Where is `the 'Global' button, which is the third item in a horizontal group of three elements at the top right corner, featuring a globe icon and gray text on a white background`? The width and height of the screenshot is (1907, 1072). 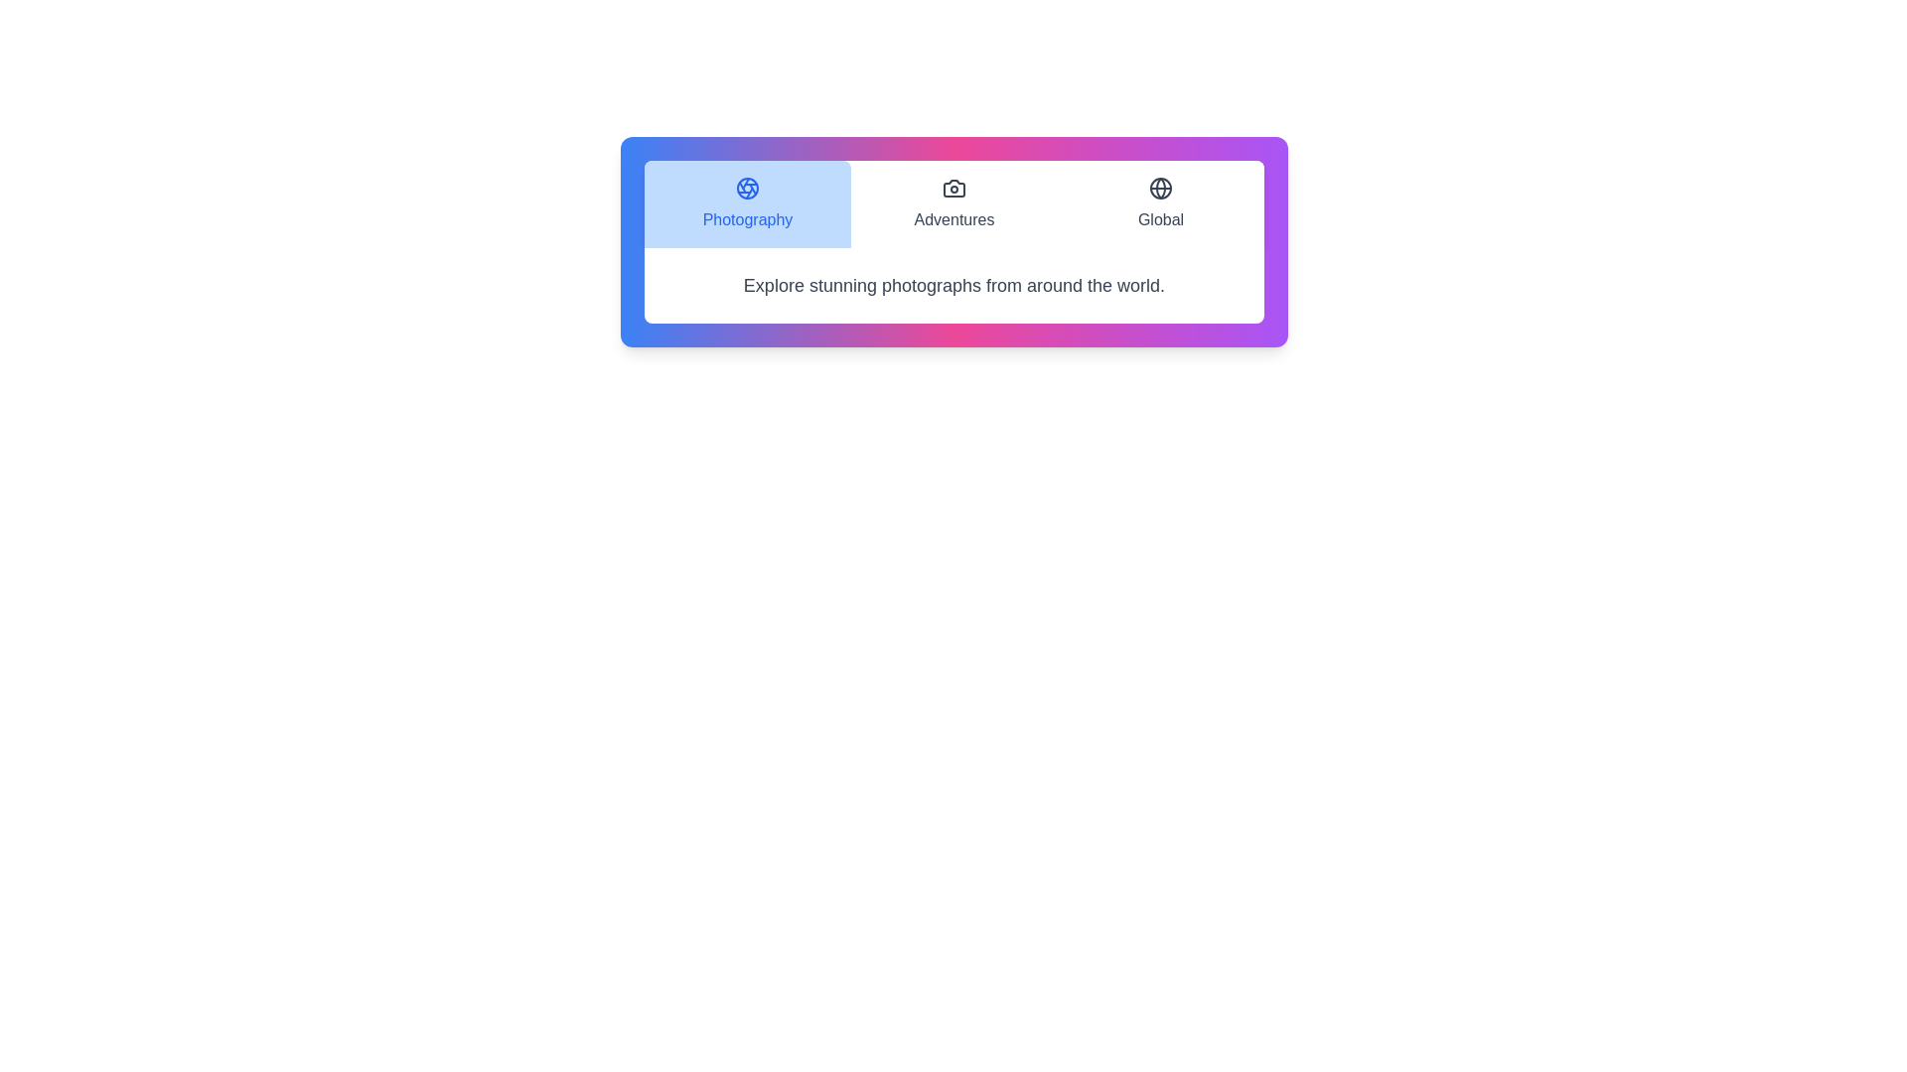 the 'Global' button, which is the third item in a horizontal group of three elements at the top right corner, featuring a globe icon and gray text on a white background is located at coordinates (1161, 203).